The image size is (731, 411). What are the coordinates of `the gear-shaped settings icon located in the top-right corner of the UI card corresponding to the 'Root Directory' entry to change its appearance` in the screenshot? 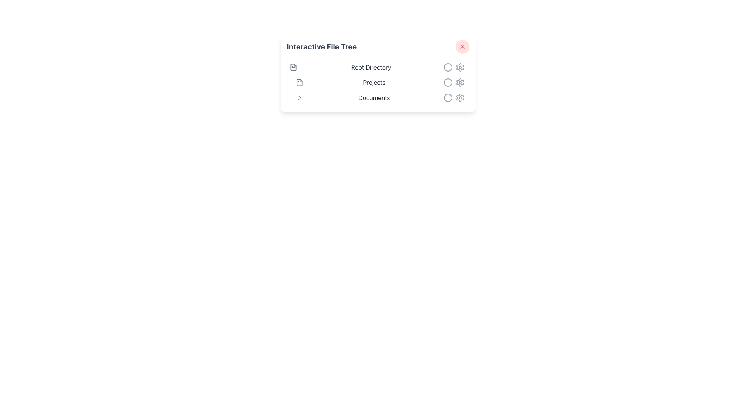 It's located at (460, 67).